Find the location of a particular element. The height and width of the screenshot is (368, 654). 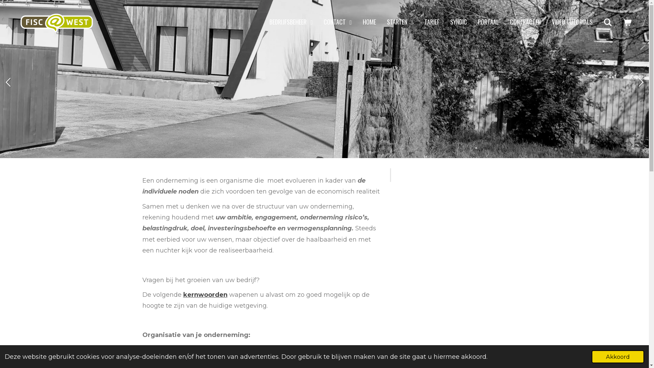

'Fisc@West' is located at coordinates (13, 22).